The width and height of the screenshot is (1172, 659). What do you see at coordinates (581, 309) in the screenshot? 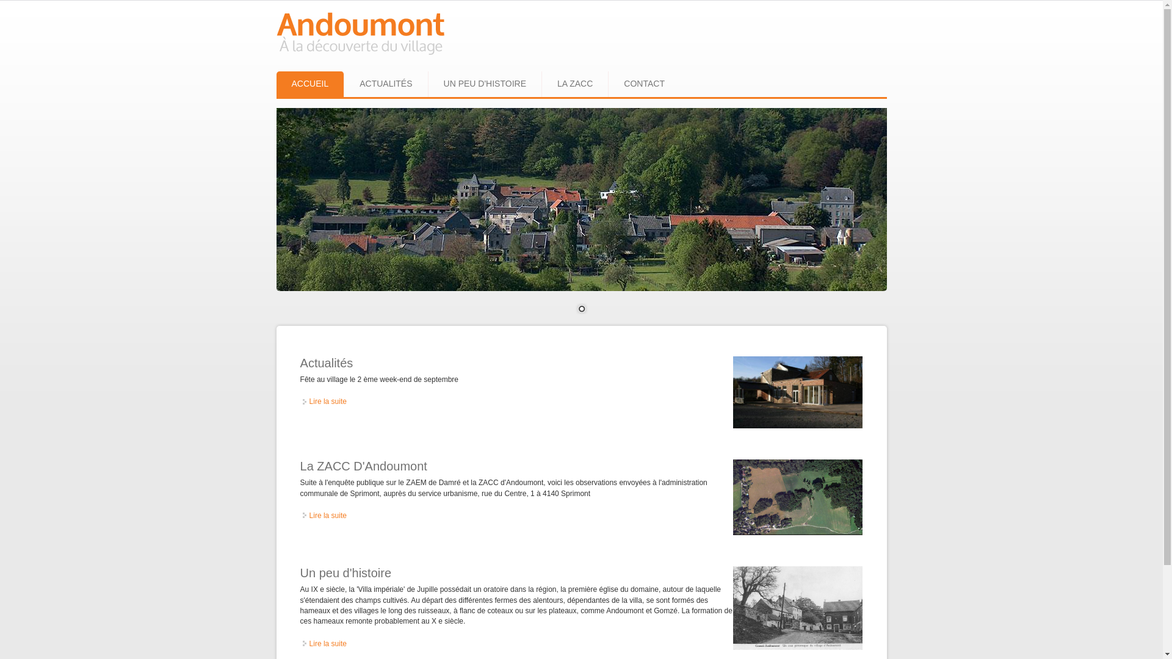
I see `'1'` at bounding box center [581, 309].